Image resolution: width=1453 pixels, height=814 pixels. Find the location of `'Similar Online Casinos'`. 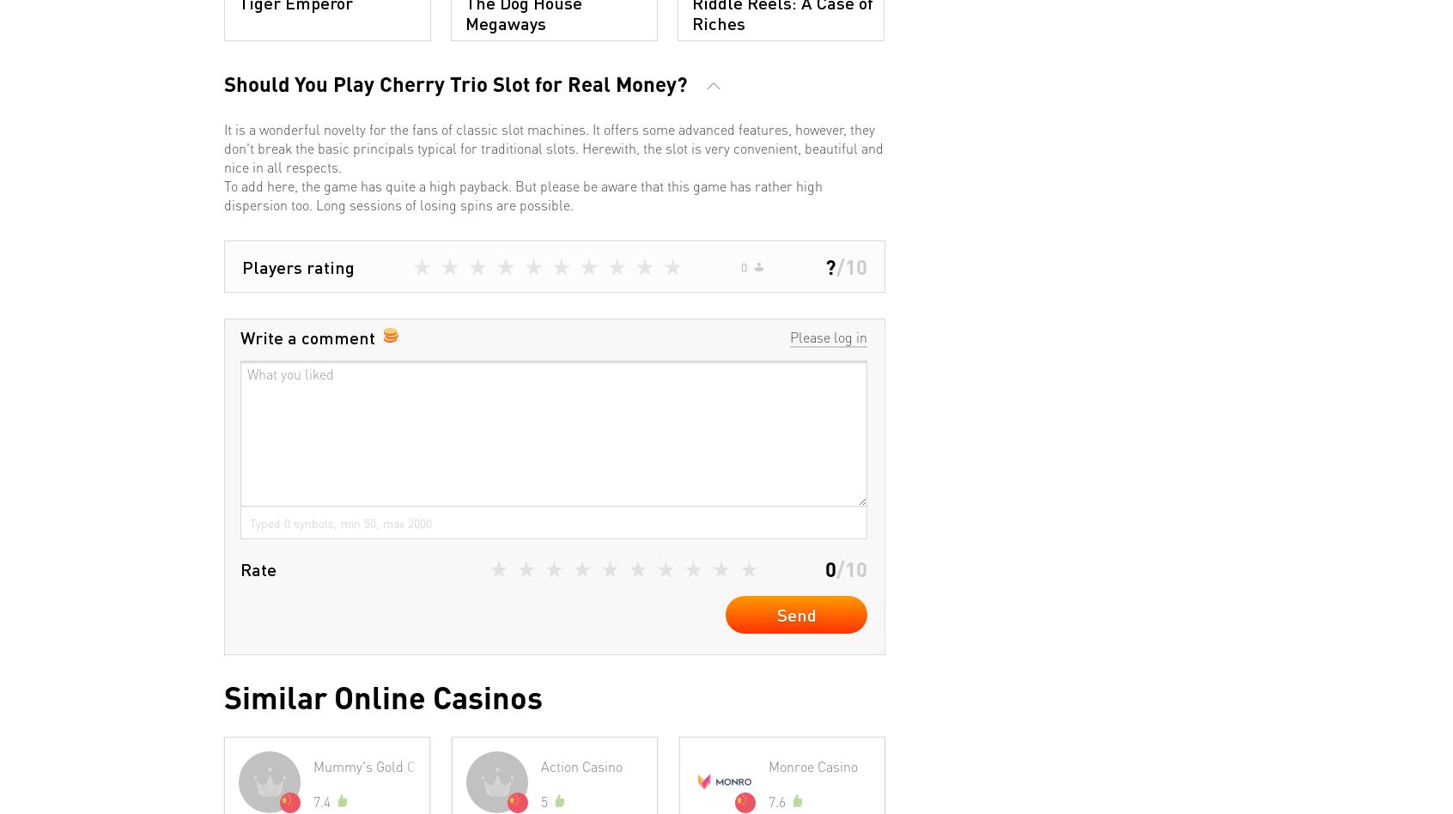

'Similar Online Casinos' is located at coordinates (382, 696).